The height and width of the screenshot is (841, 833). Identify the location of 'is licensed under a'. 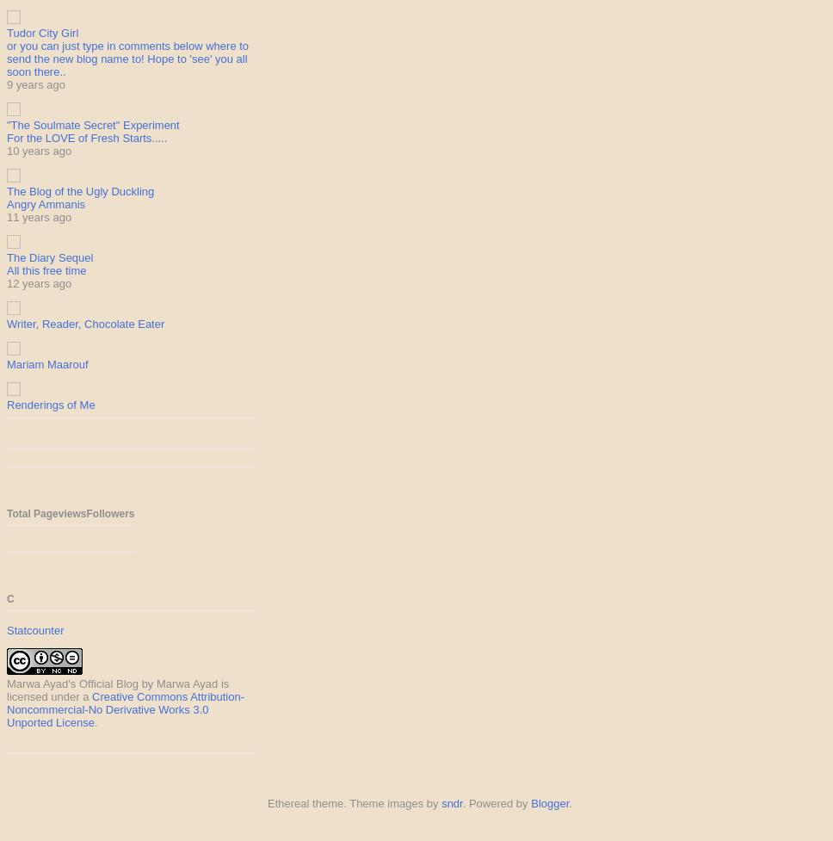
(7, 690).